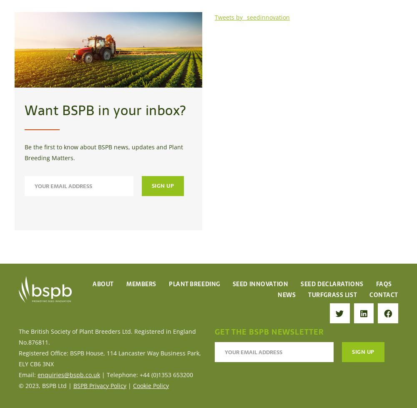  What do you see at coordinates (151, 385) in the screenshot?
I see `'Cookie Policy'` at bounding box center [151, 385].